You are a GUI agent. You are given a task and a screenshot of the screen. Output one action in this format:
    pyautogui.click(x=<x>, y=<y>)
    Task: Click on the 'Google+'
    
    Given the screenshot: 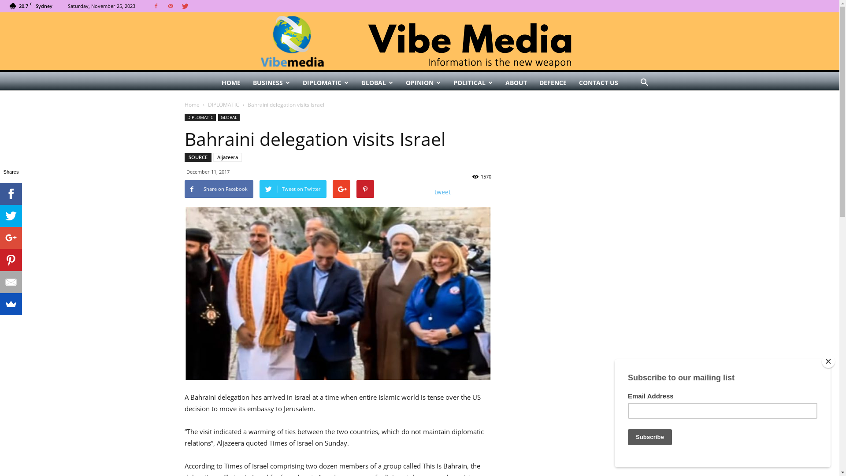 What is the action you would take?
    pyautogui.click(x=11, y=238)
    